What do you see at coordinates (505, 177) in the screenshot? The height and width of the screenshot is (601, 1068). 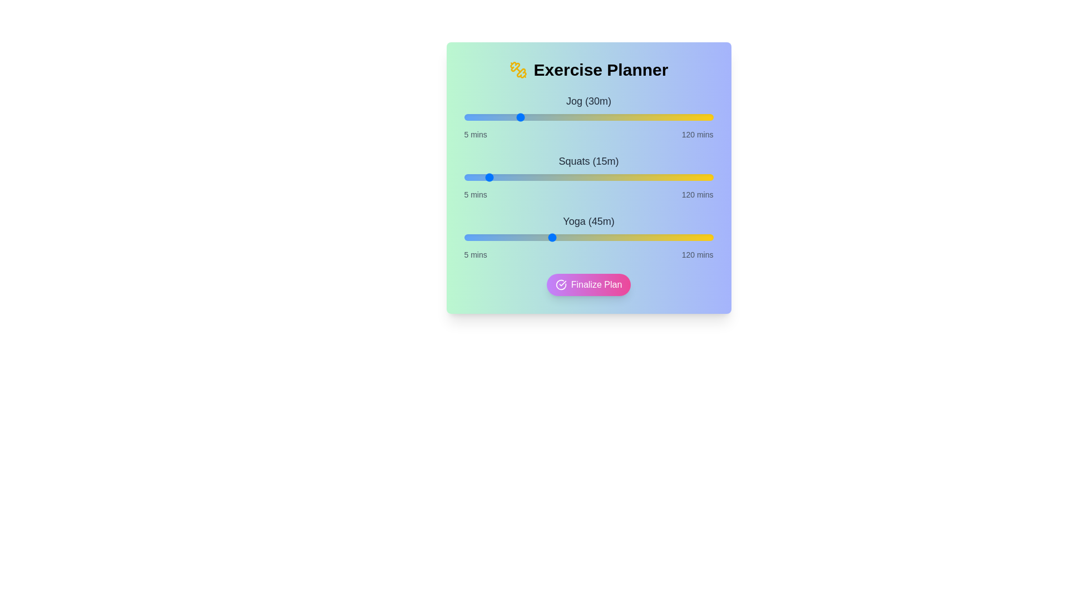 I see `the duration of the 1 slider to 24 minutes` at bounding box center [505, 177].